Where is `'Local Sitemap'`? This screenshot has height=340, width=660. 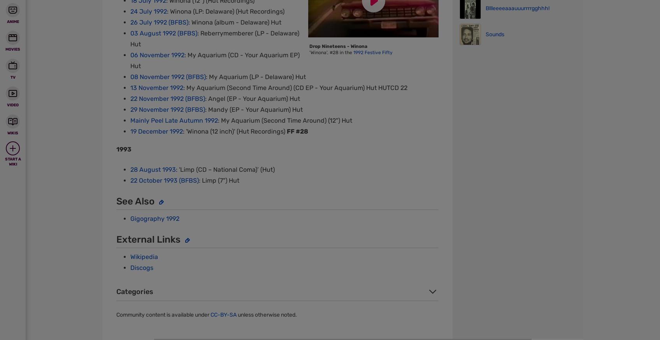 'Local Sitemap' is located at coordinates (266, 55).